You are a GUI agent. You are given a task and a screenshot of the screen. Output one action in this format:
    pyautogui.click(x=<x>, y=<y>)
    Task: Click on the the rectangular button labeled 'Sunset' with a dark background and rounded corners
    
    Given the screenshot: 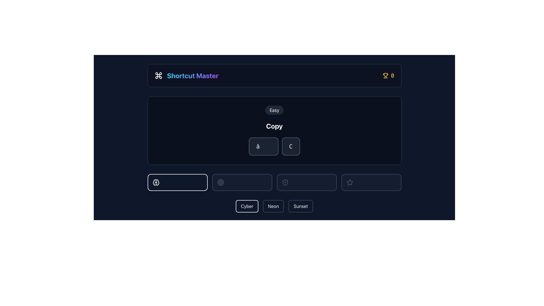 What is the action you would take?
    pyautogui.click(x=300, y=206)
    